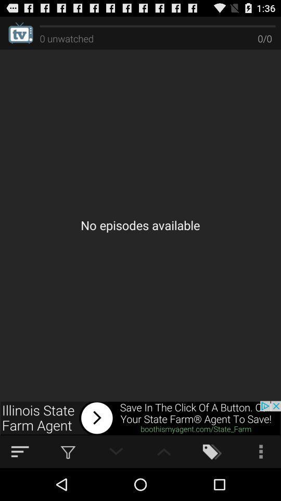  I want to click on open add for state farm, so click(140, 418).